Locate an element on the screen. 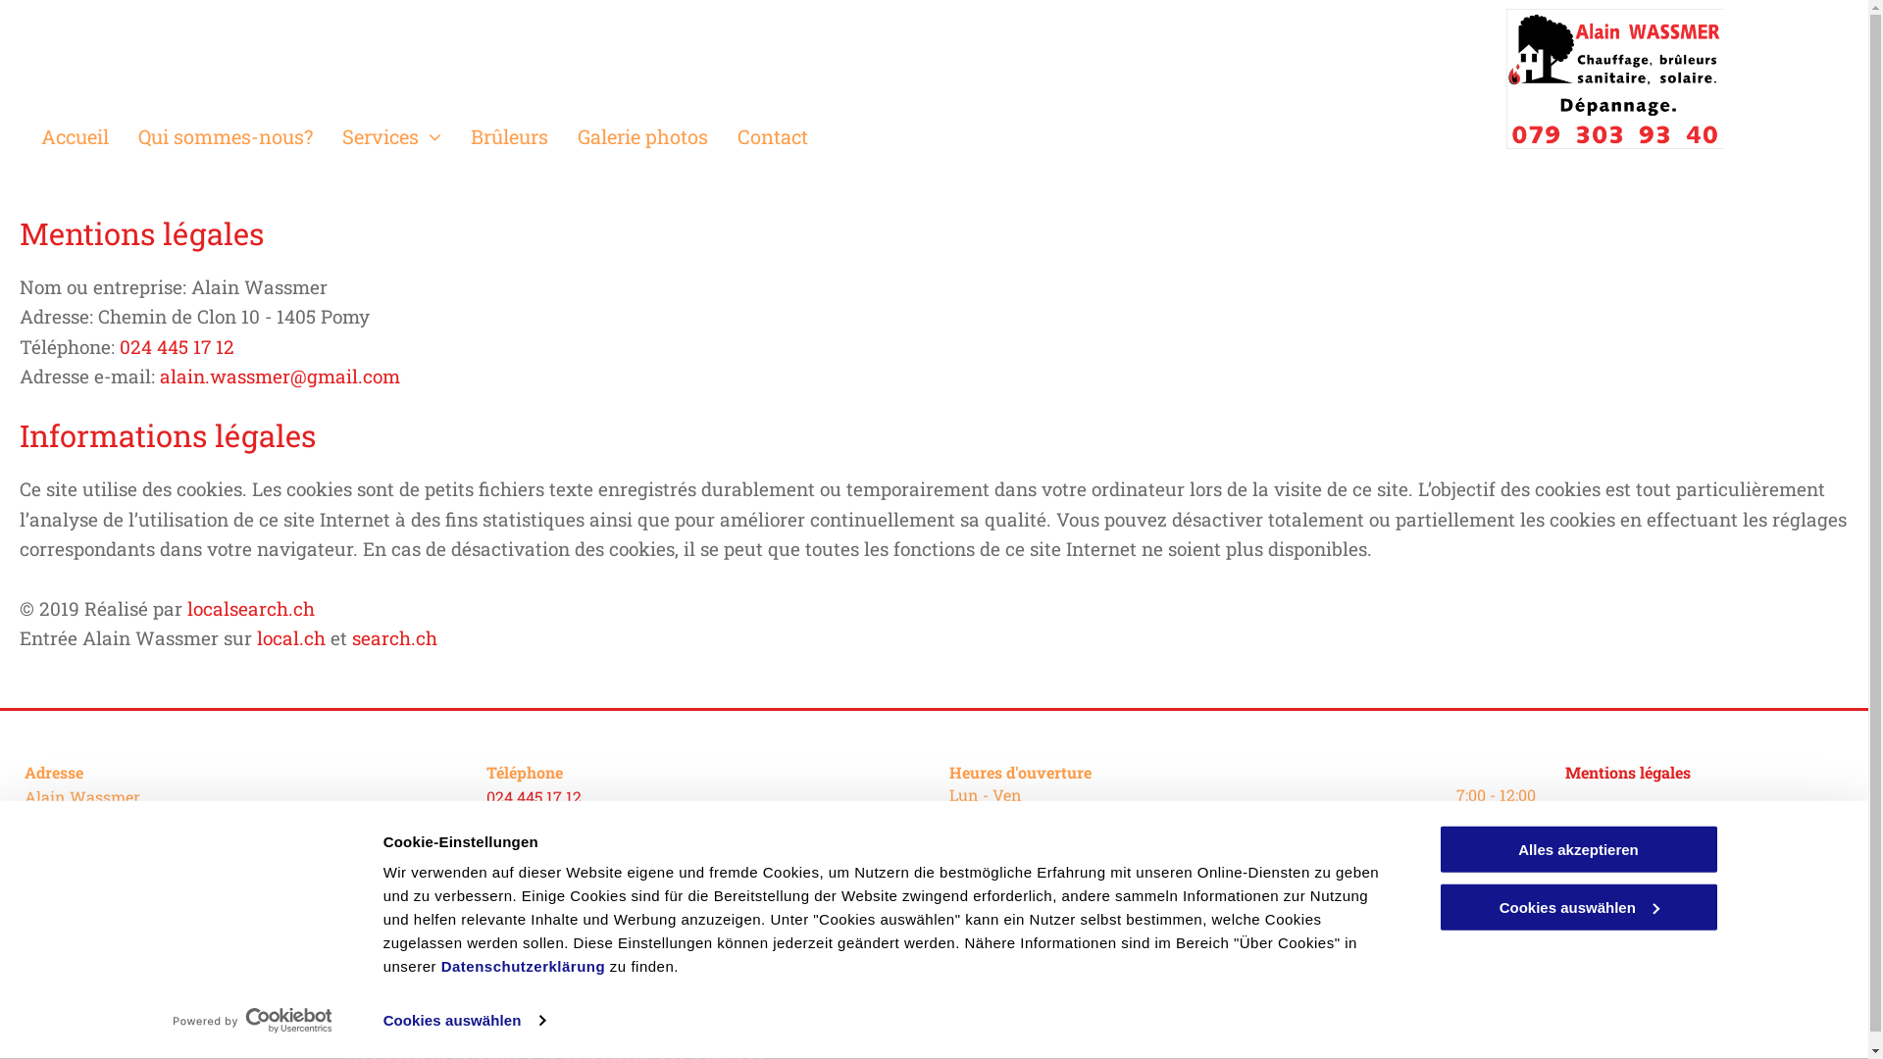 This screenshot has height=1059, width=1883. 'alain.wassmer@gmail.com' is located at coordinates (279, 376).